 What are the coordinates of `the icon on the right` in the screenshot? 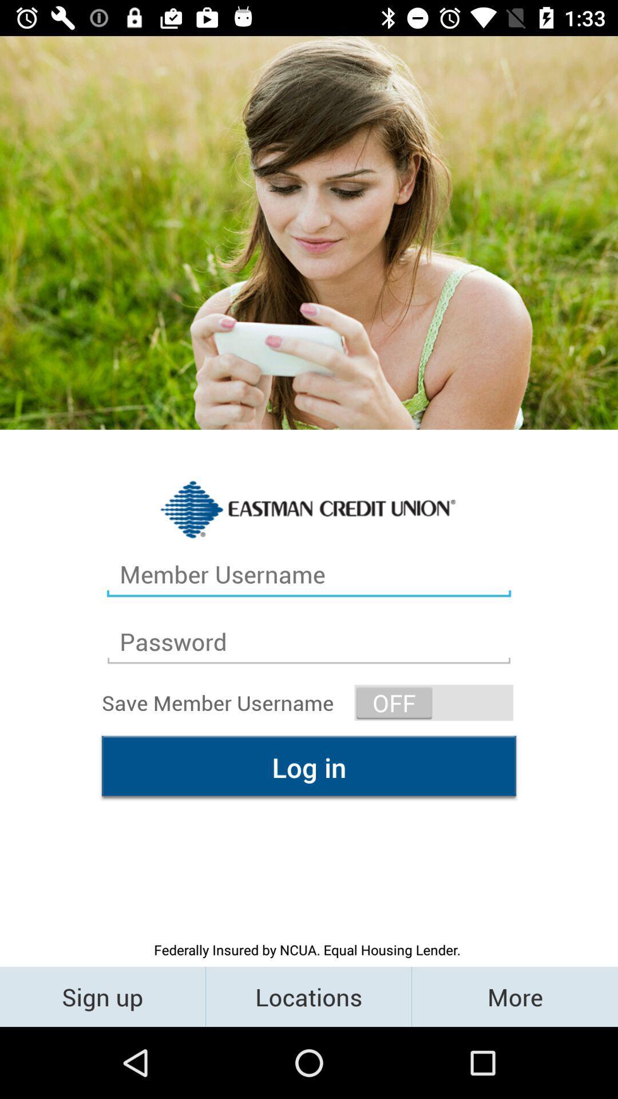 It's located at (434, 702).